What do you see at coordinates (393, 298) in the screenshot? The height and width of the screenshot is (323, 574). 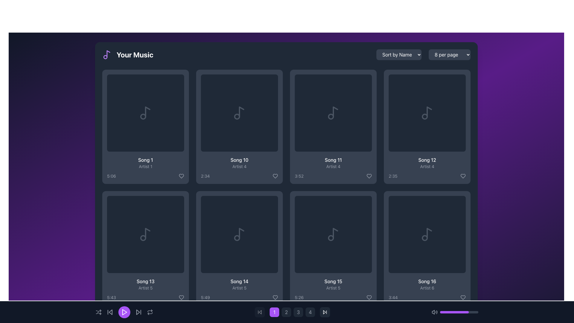 I see `the time duration display for 'Song 16', located in the lower-right corner of its section, below the song's title and artist` at bounding box center [393, 298].